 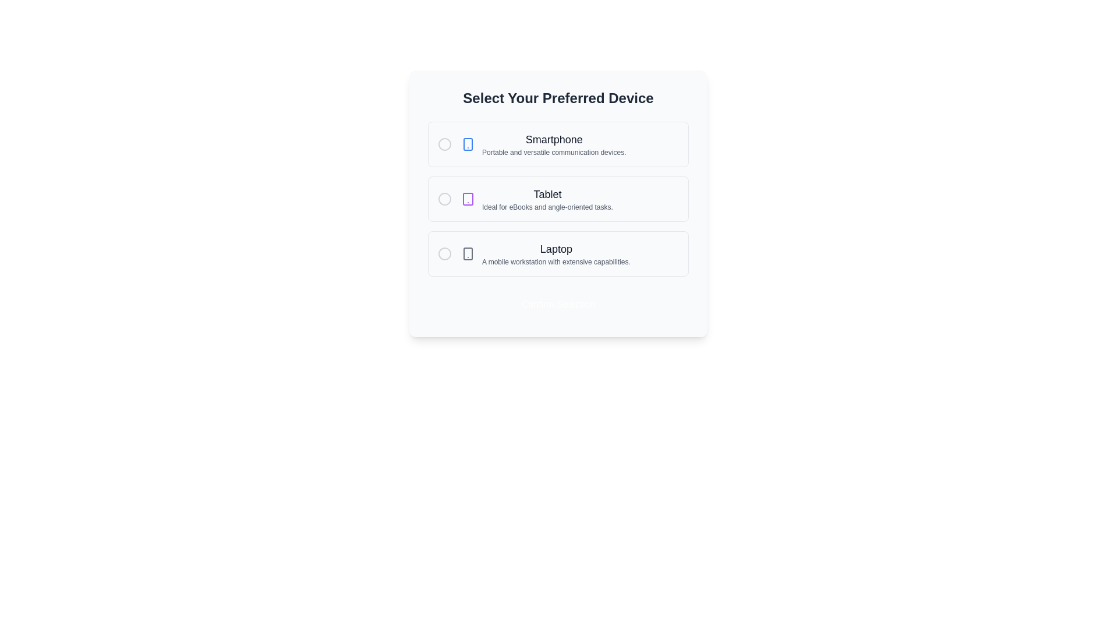 What do you see at coordinates (547, 194) in the screenshot?
I see `text label identifying the second selection option in a vertical list of choices for a preferred device, located between a selectable icon and a smaller text about eBooks` at bounding box center [547, 194].